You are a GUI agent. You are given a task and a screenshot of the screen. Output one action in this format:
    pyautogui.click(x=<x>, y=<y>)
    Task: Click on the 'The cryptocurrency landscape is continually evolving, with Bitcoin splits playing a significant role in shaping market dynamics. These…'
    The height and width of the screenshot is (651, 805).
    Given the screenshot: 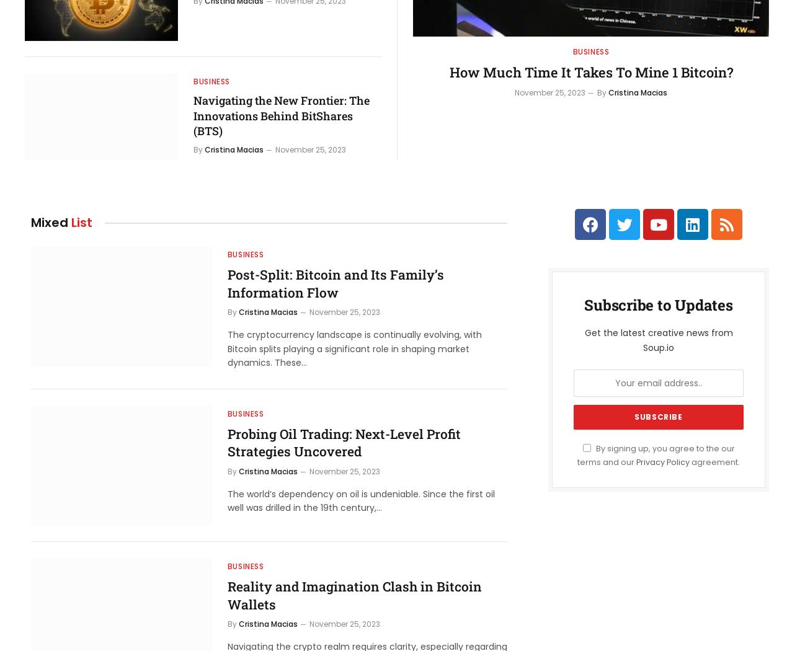 What is the action you would take?
    pyautogui.click(x=353, y=348)
    